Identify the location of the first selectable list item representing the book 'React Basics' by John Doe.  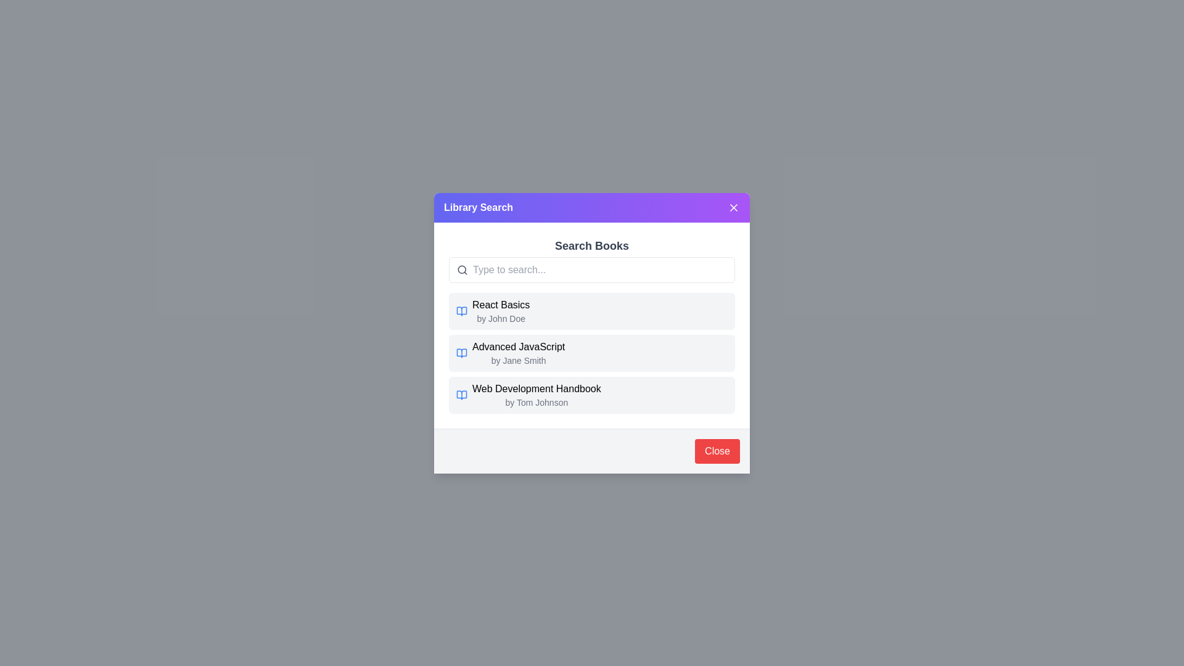
(592, 310).